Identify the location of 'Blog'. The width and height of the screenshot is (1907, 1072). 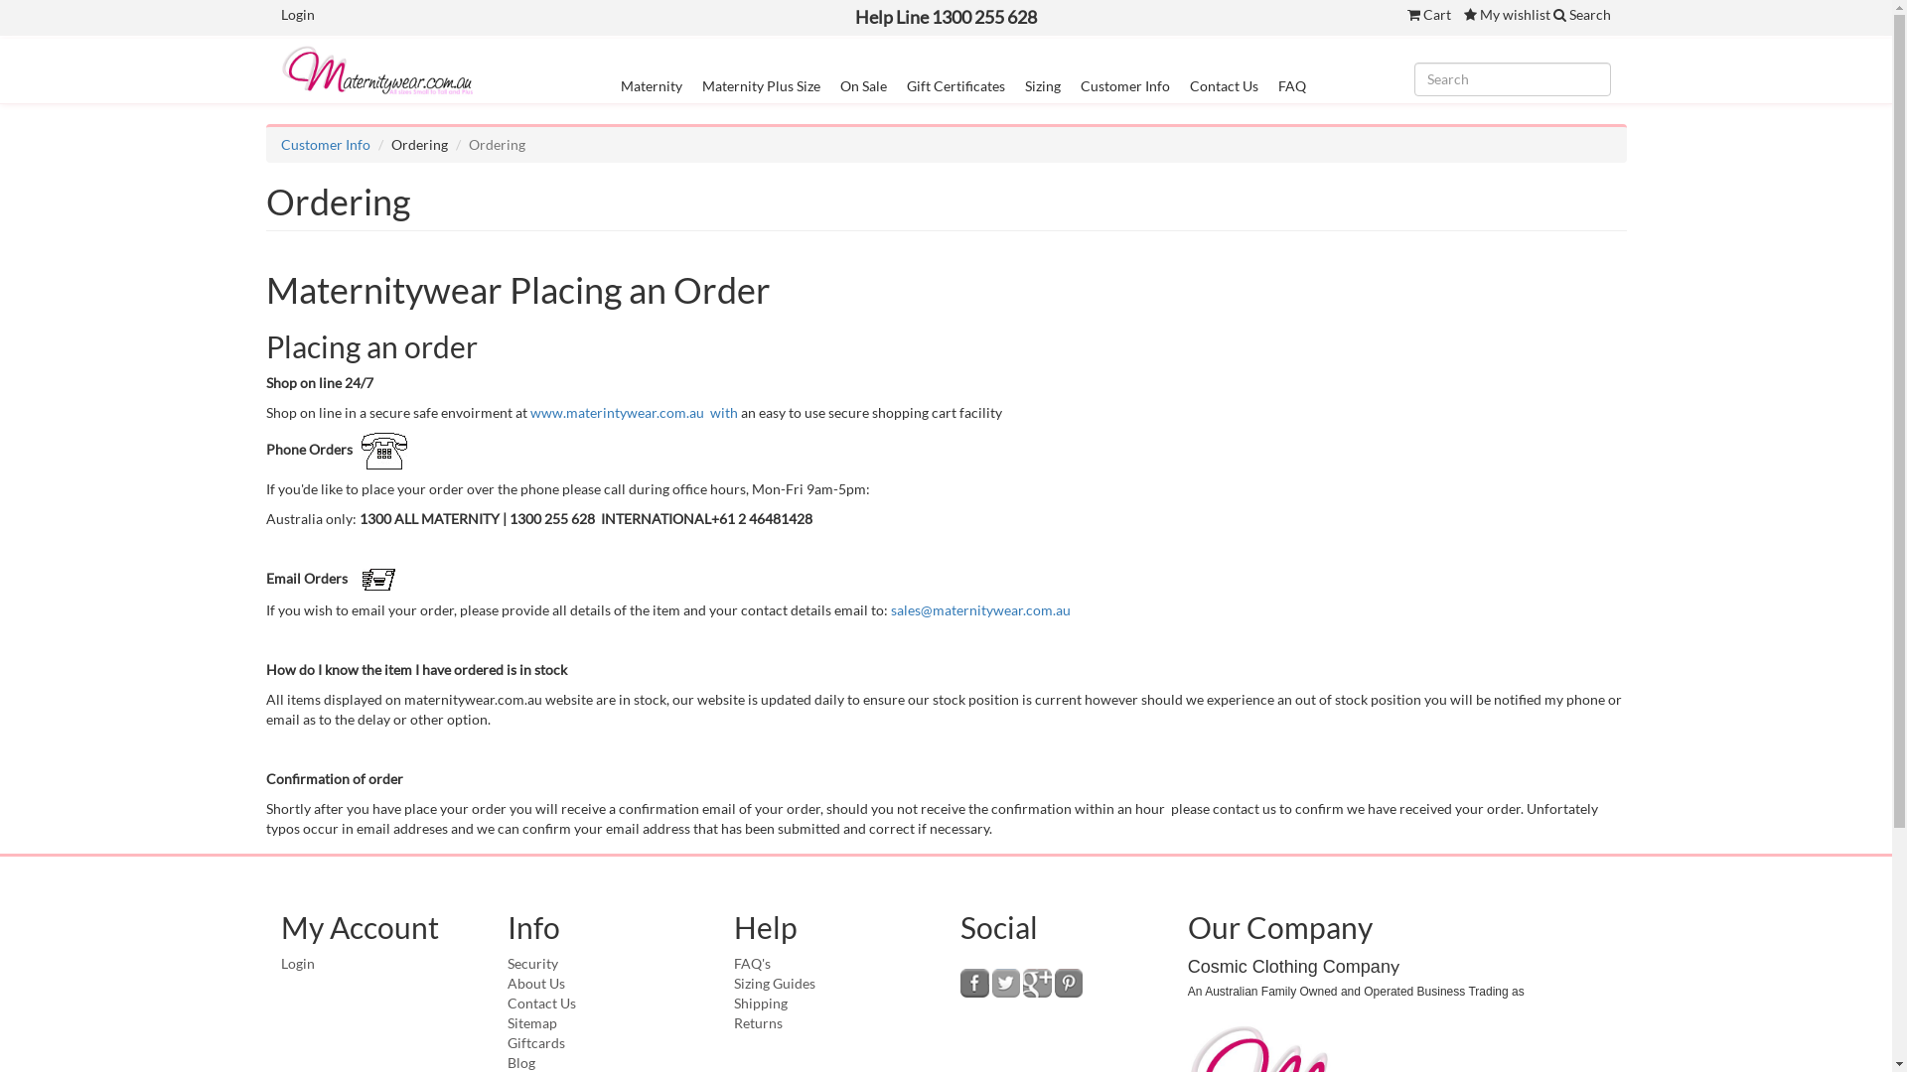
(520, 1061).